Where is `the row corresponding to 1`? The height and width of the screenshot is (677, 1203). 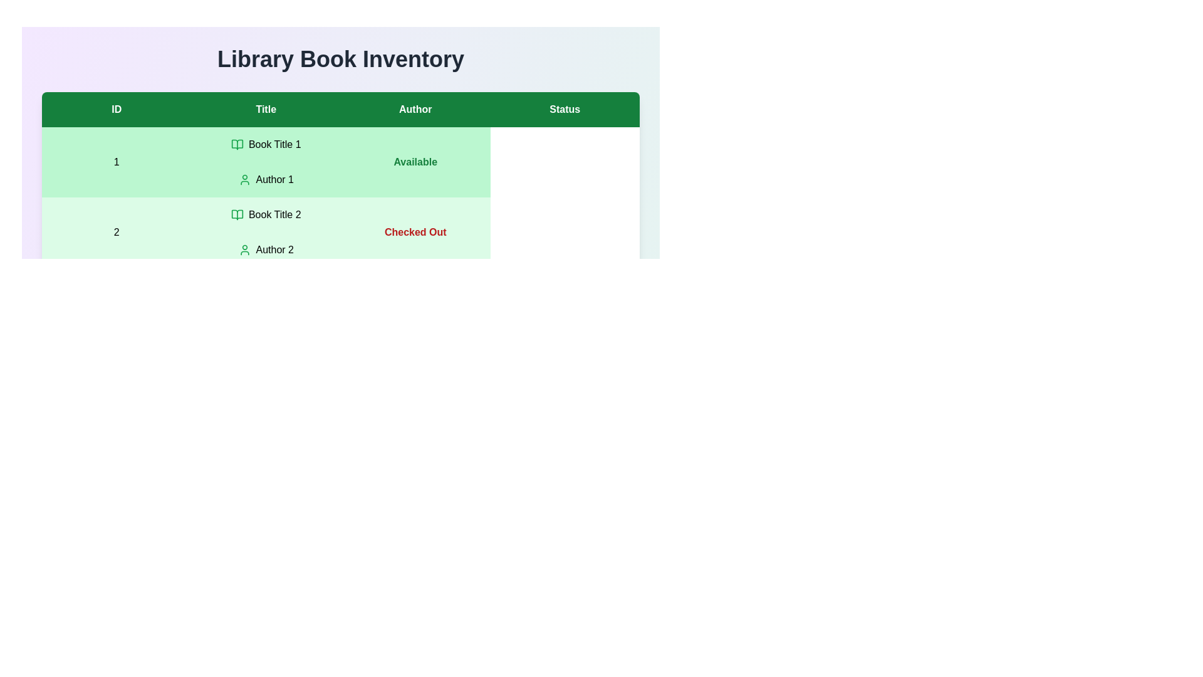
the row corresponding to 1 is located at coordinates (340, 161).